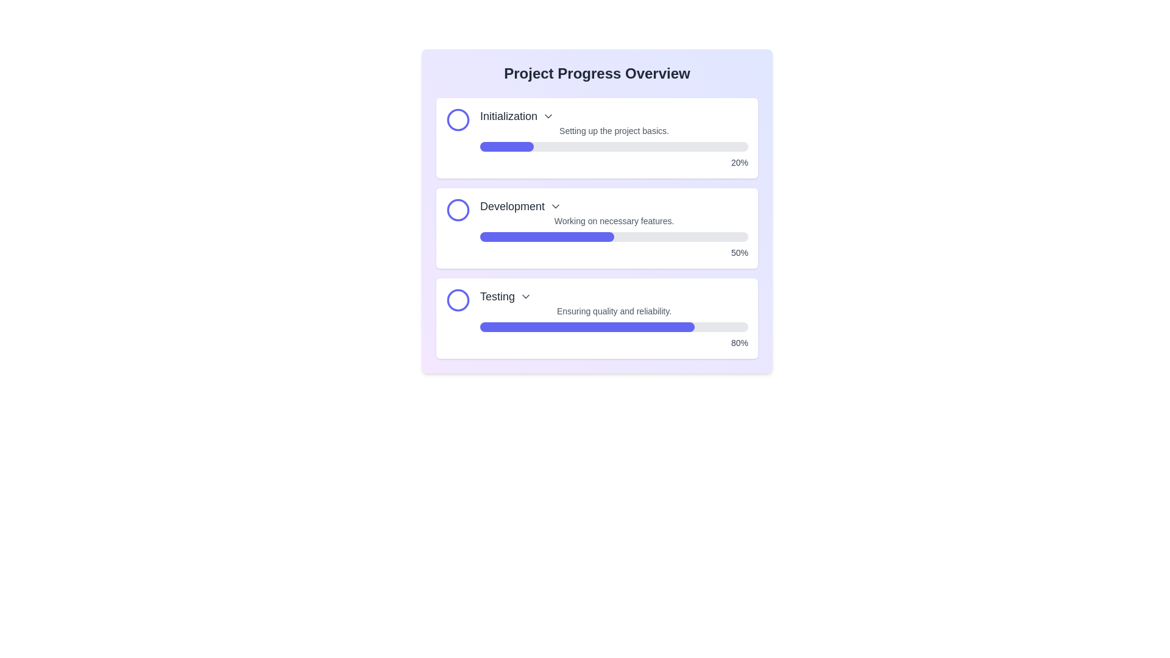  Describe the element at coordinates (614, 326) in the screenshot. I see `the progress bar that visually represents the completion percentage of the 'Testing' task, located below the 'Ensuring quality and reliability.' text and above the '80%' label` at that location.